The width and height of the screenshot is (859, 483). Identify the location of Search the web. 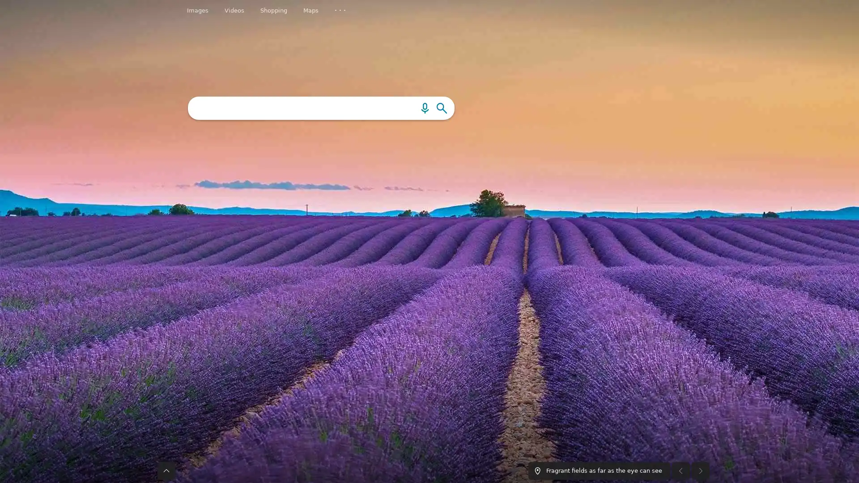
(442, 107).